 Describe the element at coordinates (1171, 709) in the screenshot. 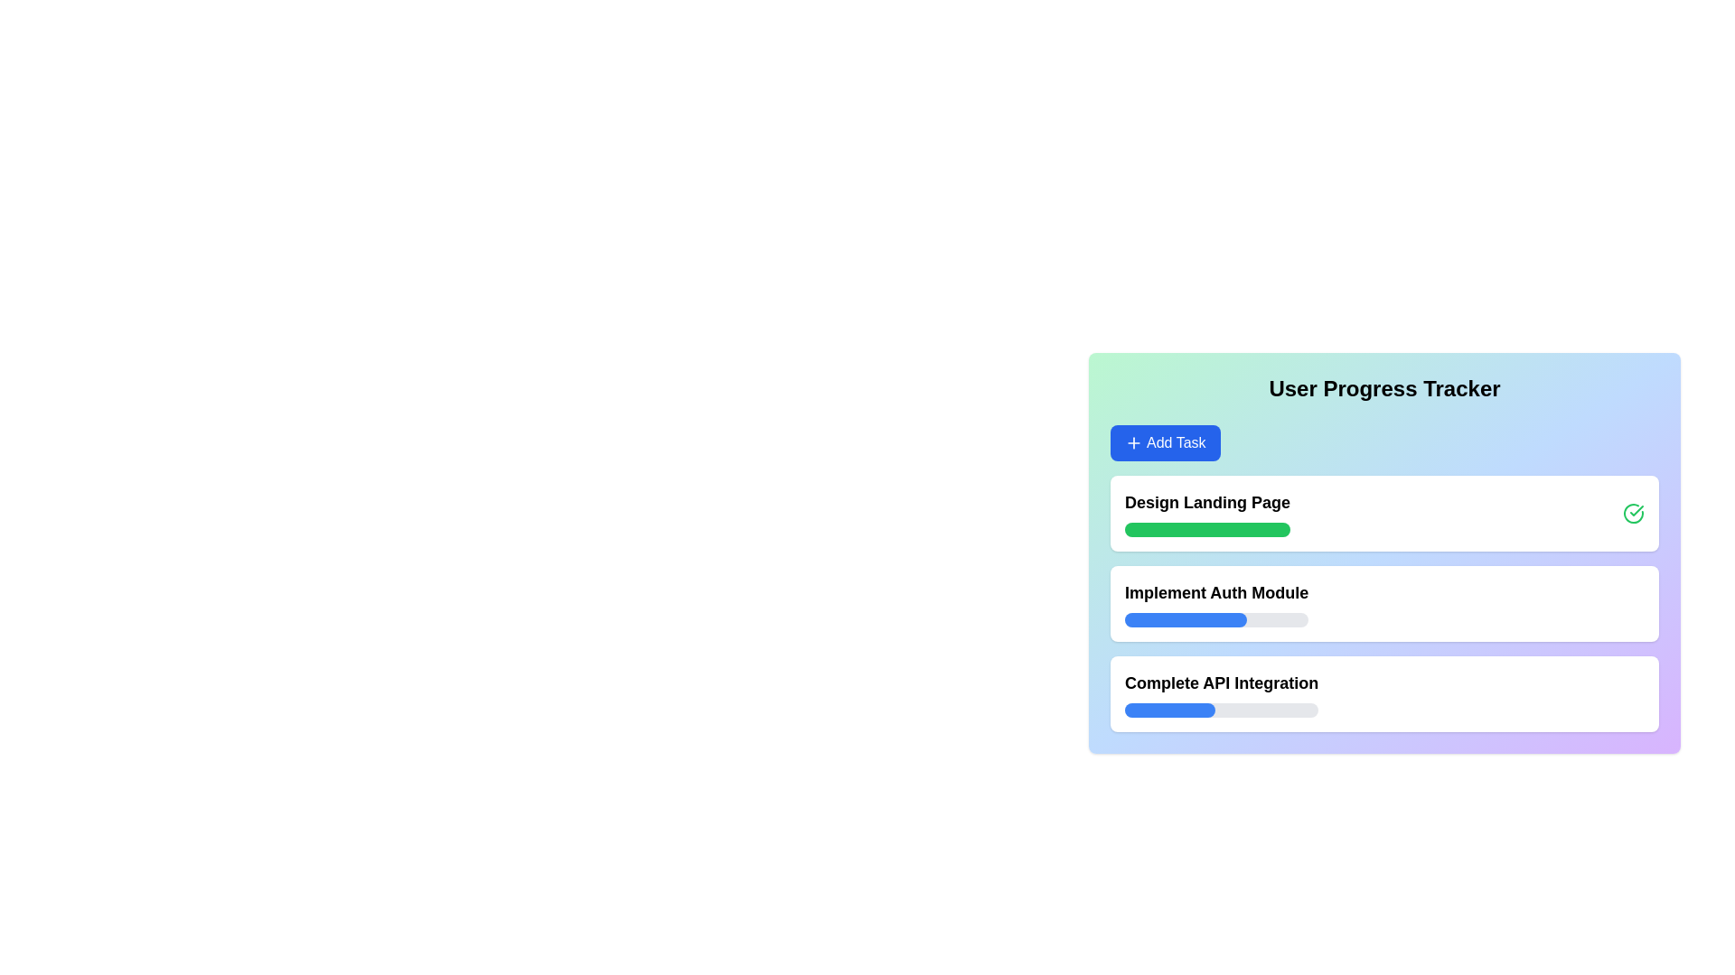

I see `the progress bar completion` at that location.